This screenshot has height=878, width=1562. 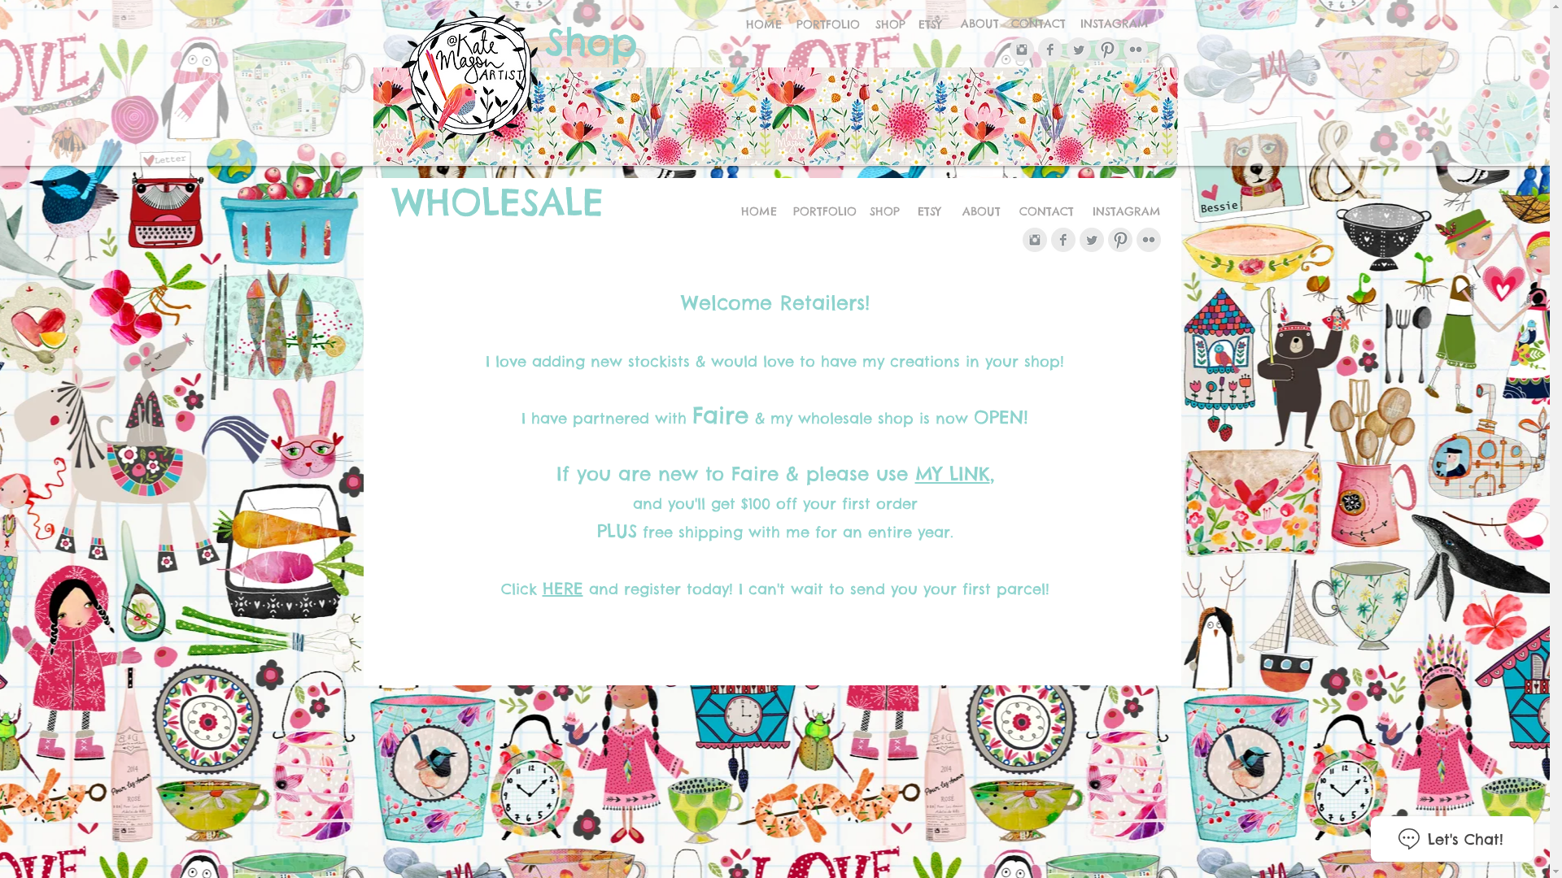 I want to click on 'CONTACT', so click(x=1010, y=211).